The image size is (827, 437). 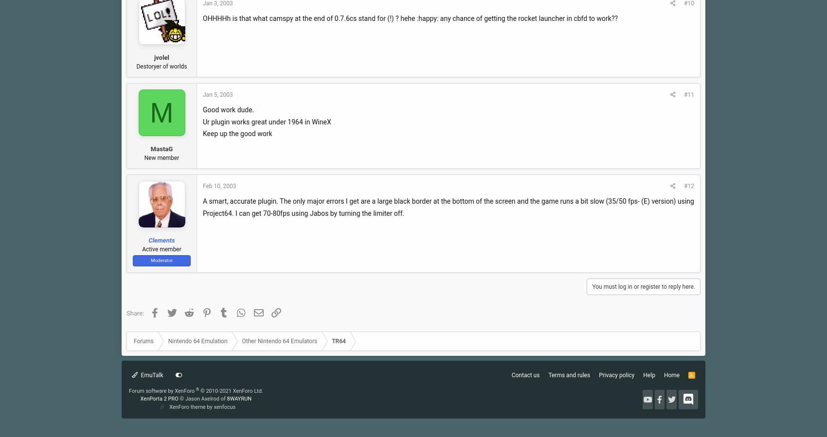 What do you see at coordinates (228, 110) in the screenshot?
I see `'Good work dude.'` at bounding box center [228, 110].